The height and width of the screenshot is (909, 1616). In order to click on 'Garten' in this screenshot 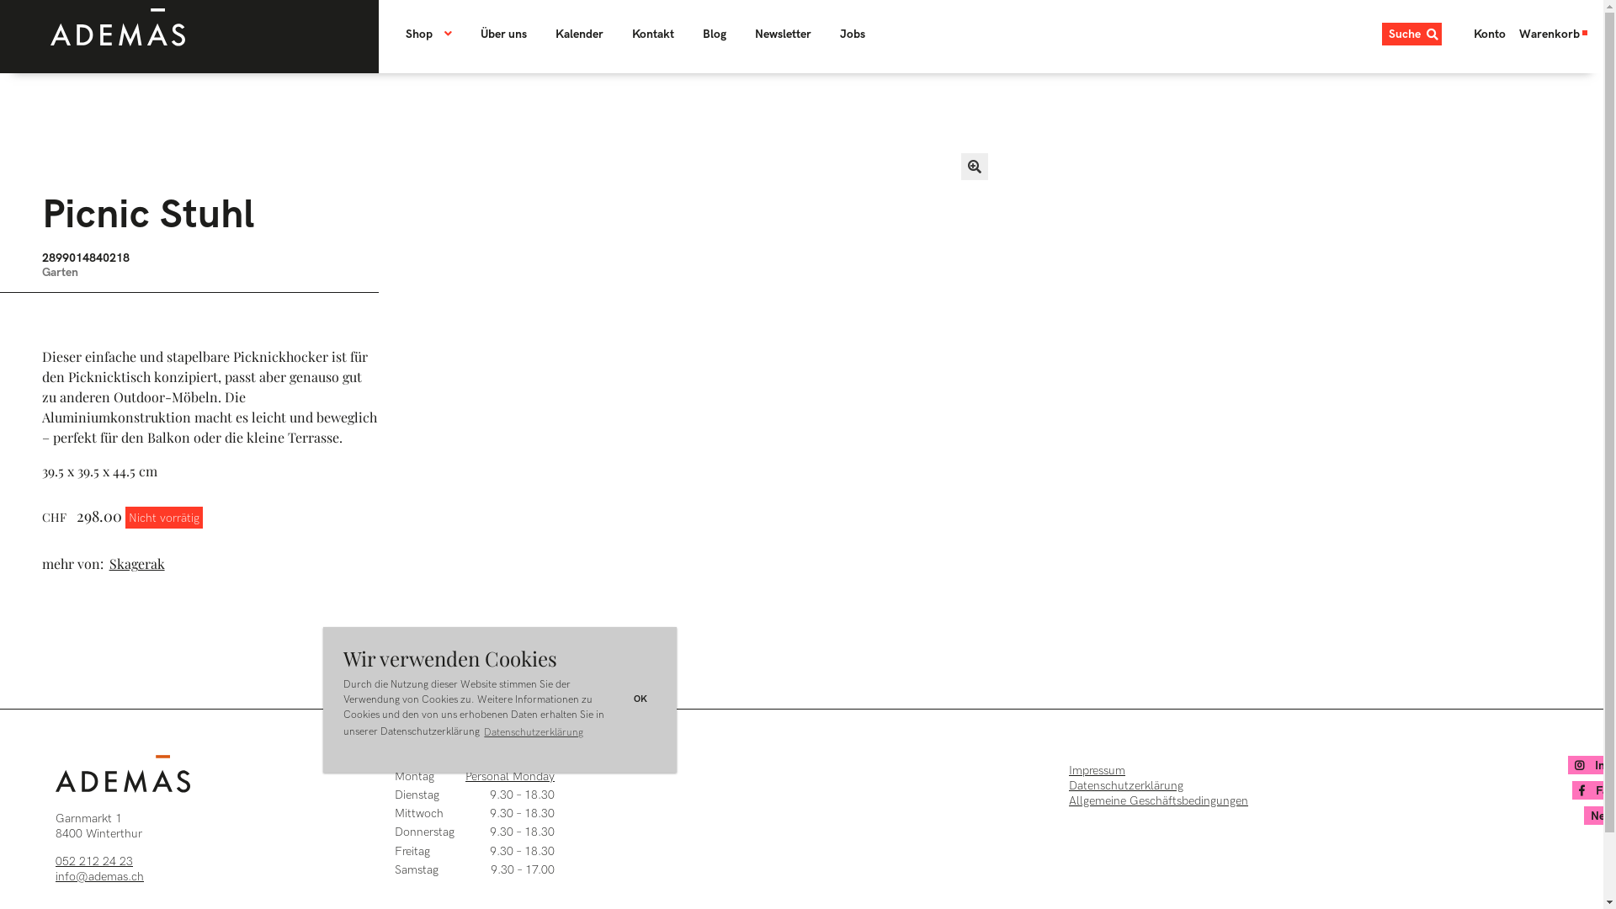, I will do `click(60, 271)`.